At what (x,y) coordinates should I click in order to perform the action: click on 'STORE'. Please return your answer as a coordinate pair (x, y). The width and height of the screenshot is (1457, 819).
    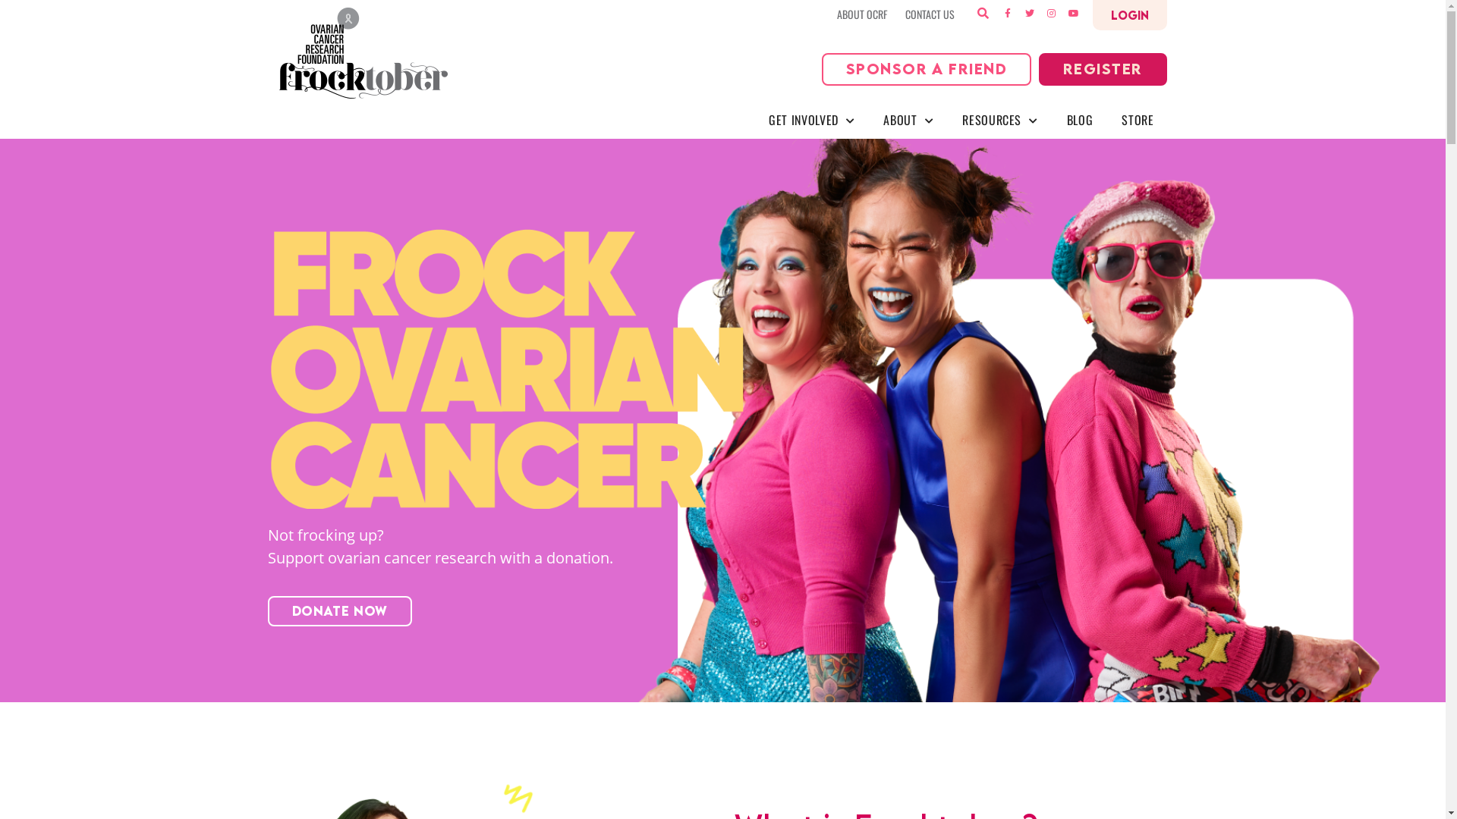
    Looking at the image, I should click on (1137, 119).